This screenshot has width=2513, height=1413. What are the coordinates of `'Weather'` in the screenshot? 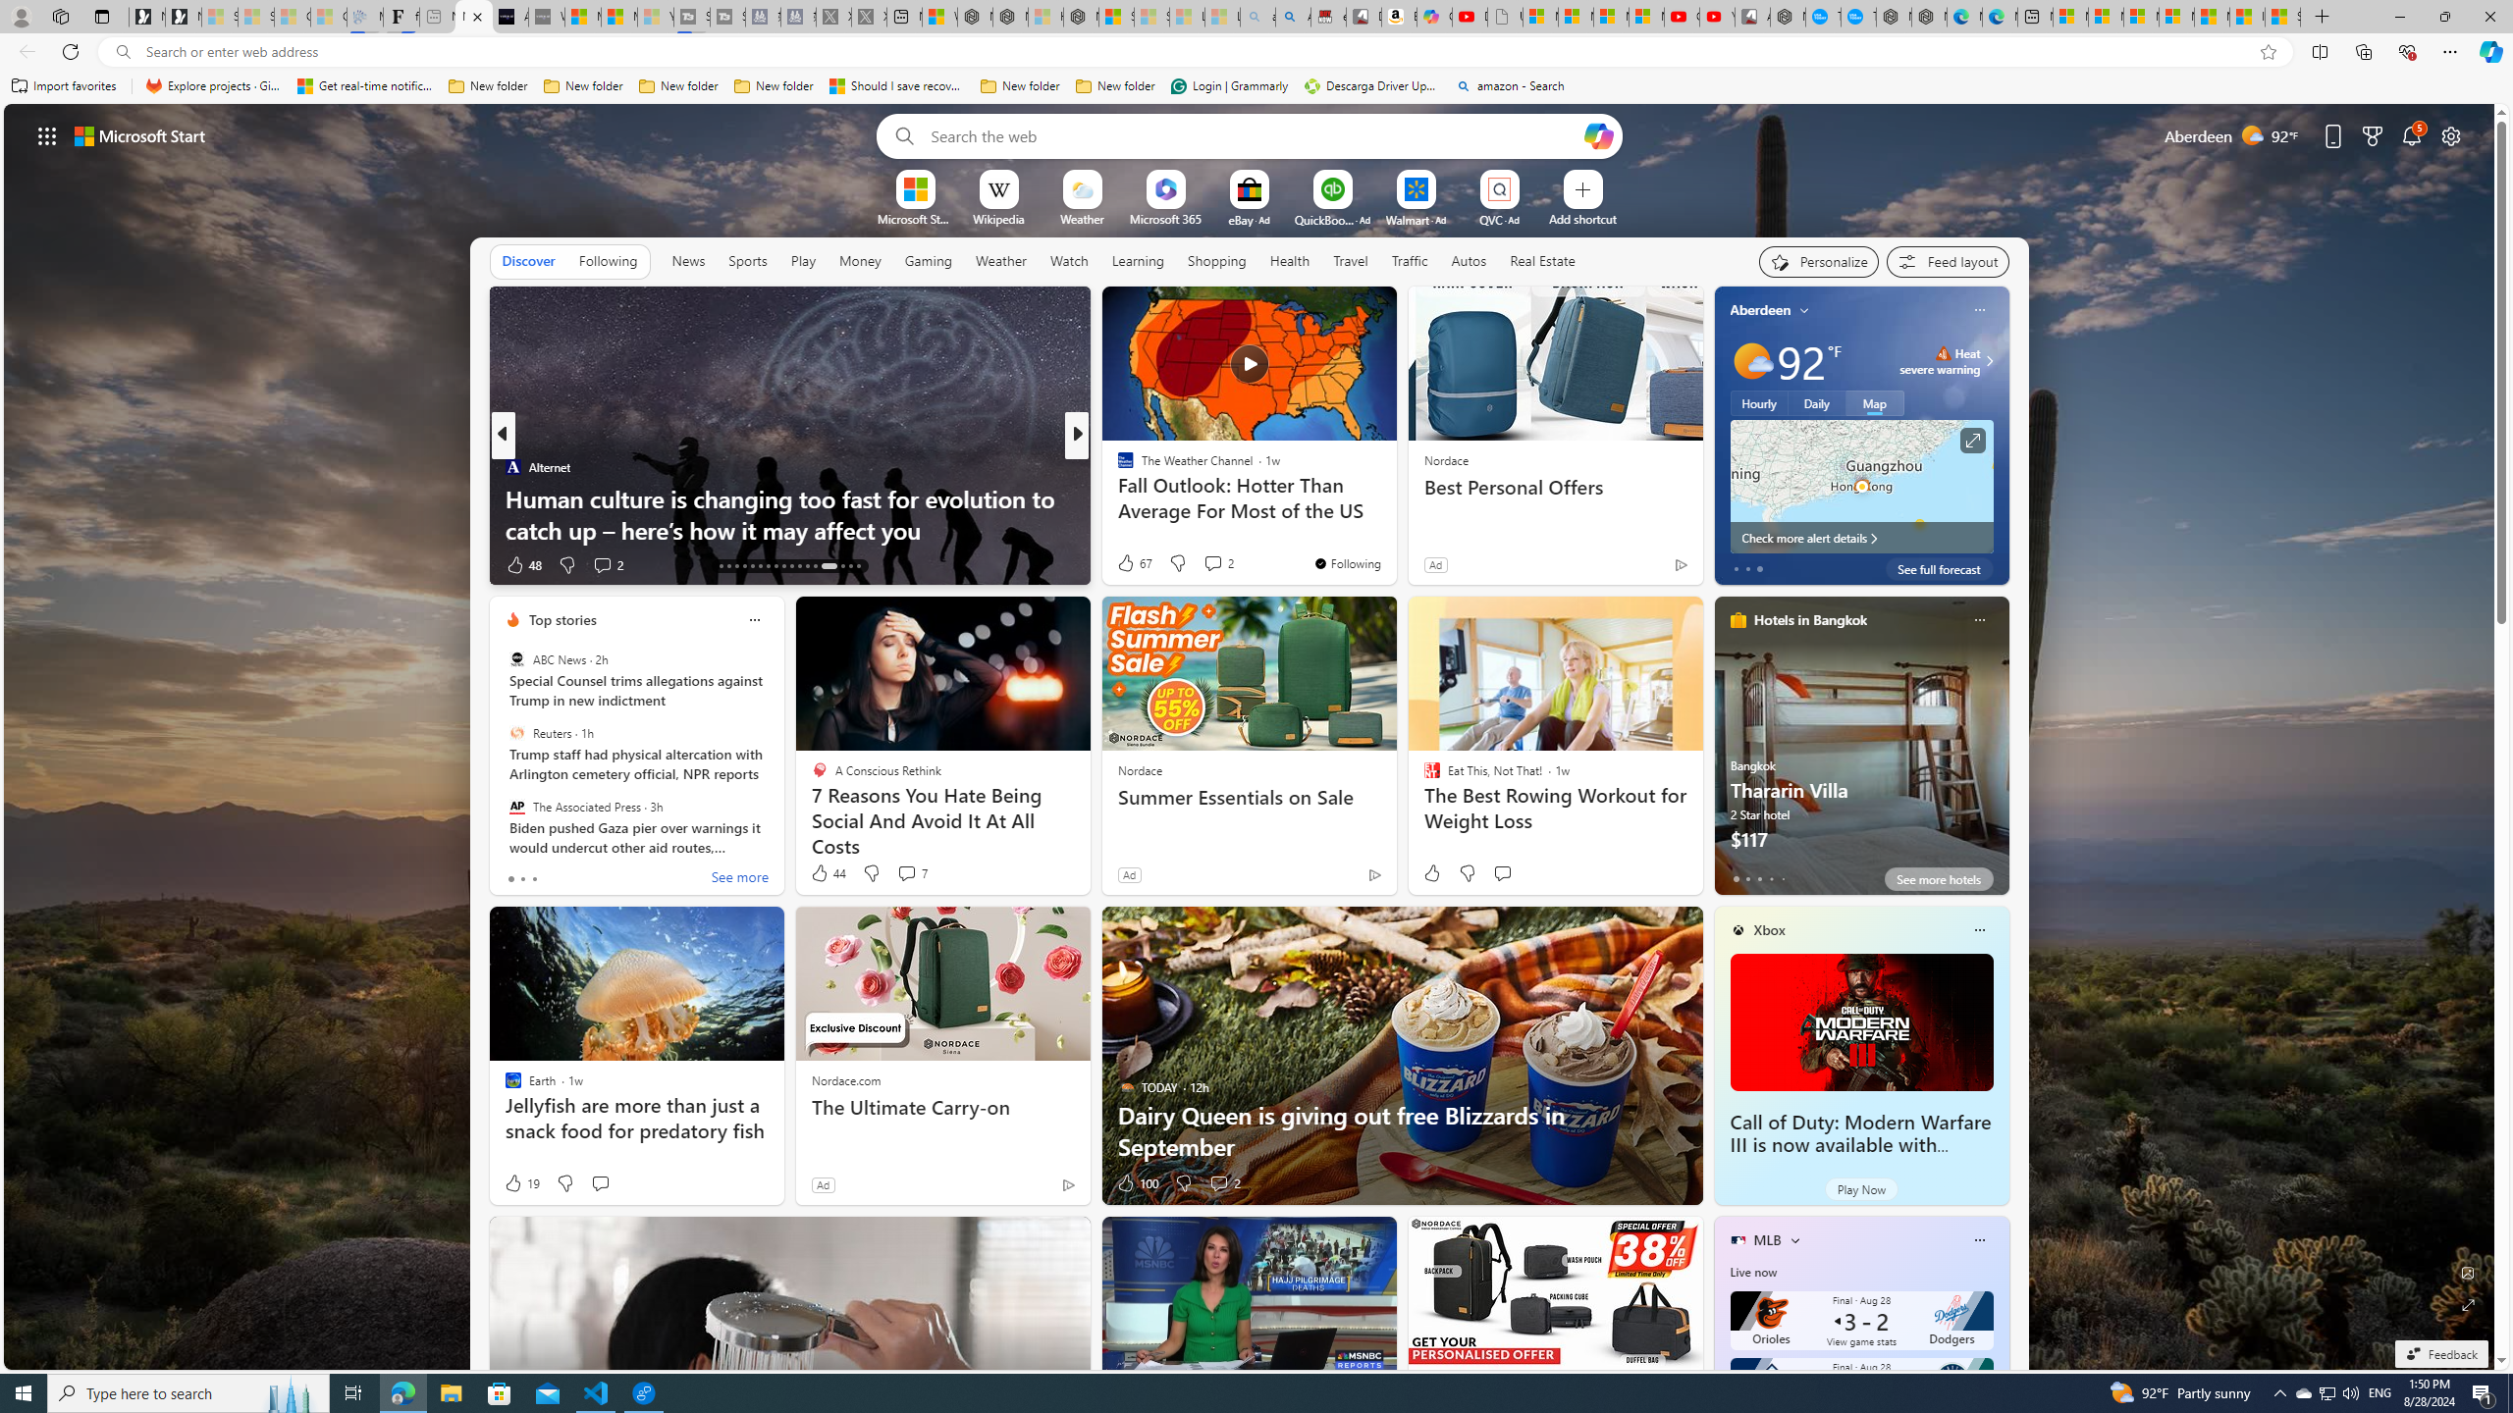 It's located at (1000, 259).